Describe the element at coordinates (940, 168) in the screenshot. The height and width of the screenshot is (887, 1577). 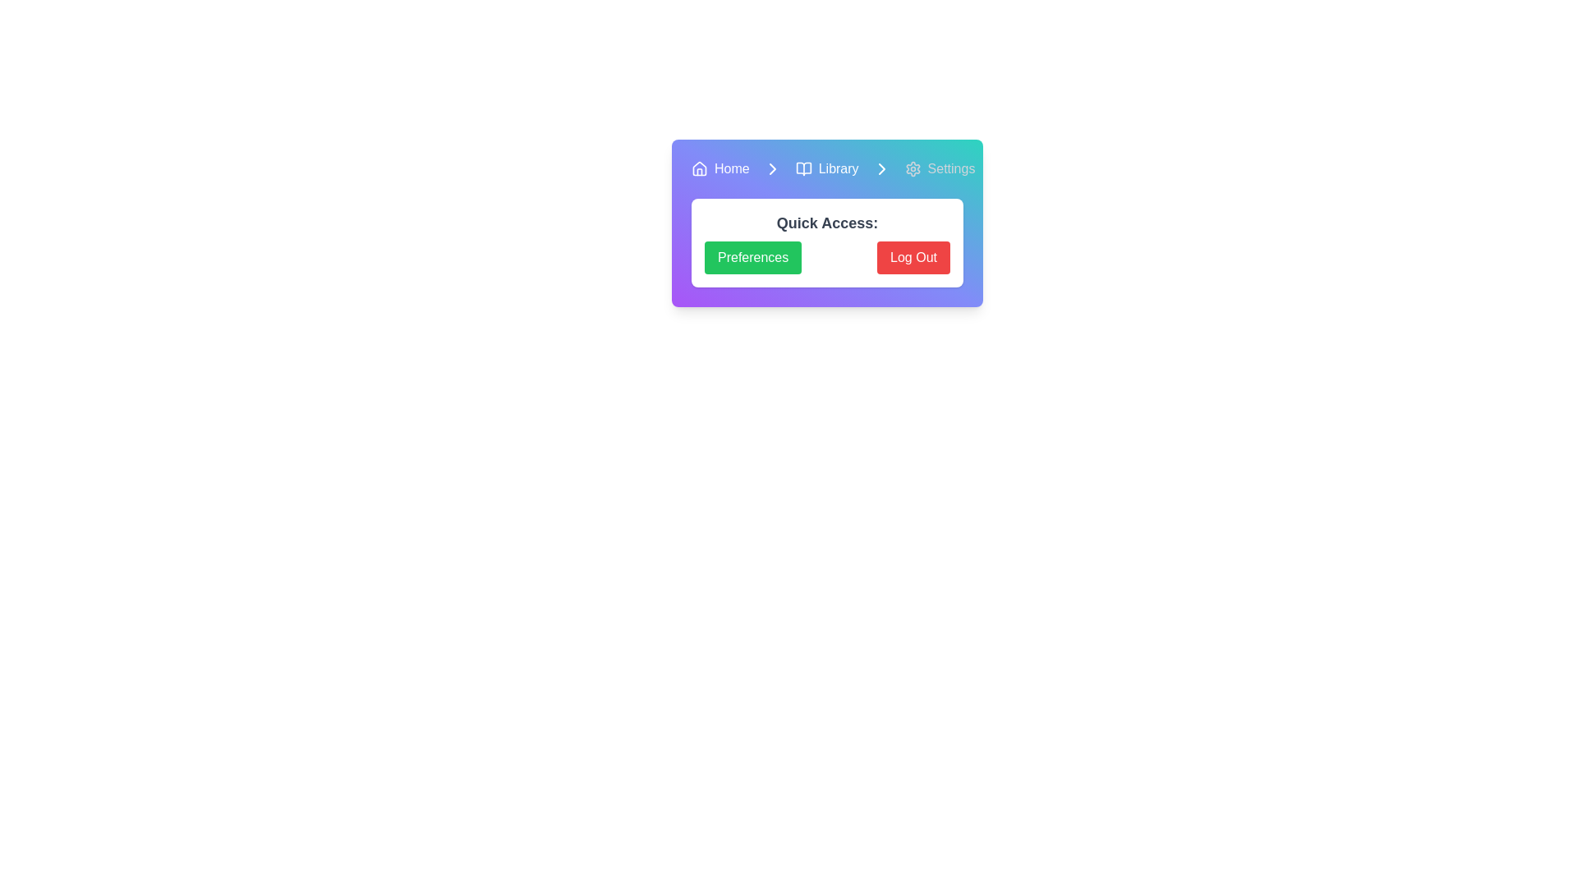
I see `the settings navigation item, which consists of a cogwheel icon and associated text, located at the top section of the interface, adjacent to 'Library'` at that location.